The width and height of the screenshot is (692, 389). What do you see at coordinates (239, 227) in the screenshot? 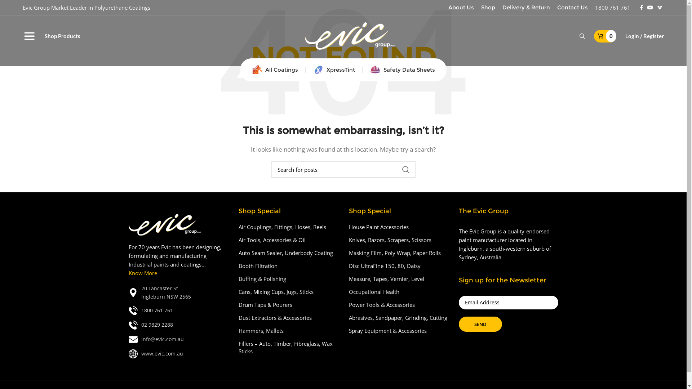
I see `'Air Couplings, Fittings, Hoses, Reels'` at bounding box center [239, 227].